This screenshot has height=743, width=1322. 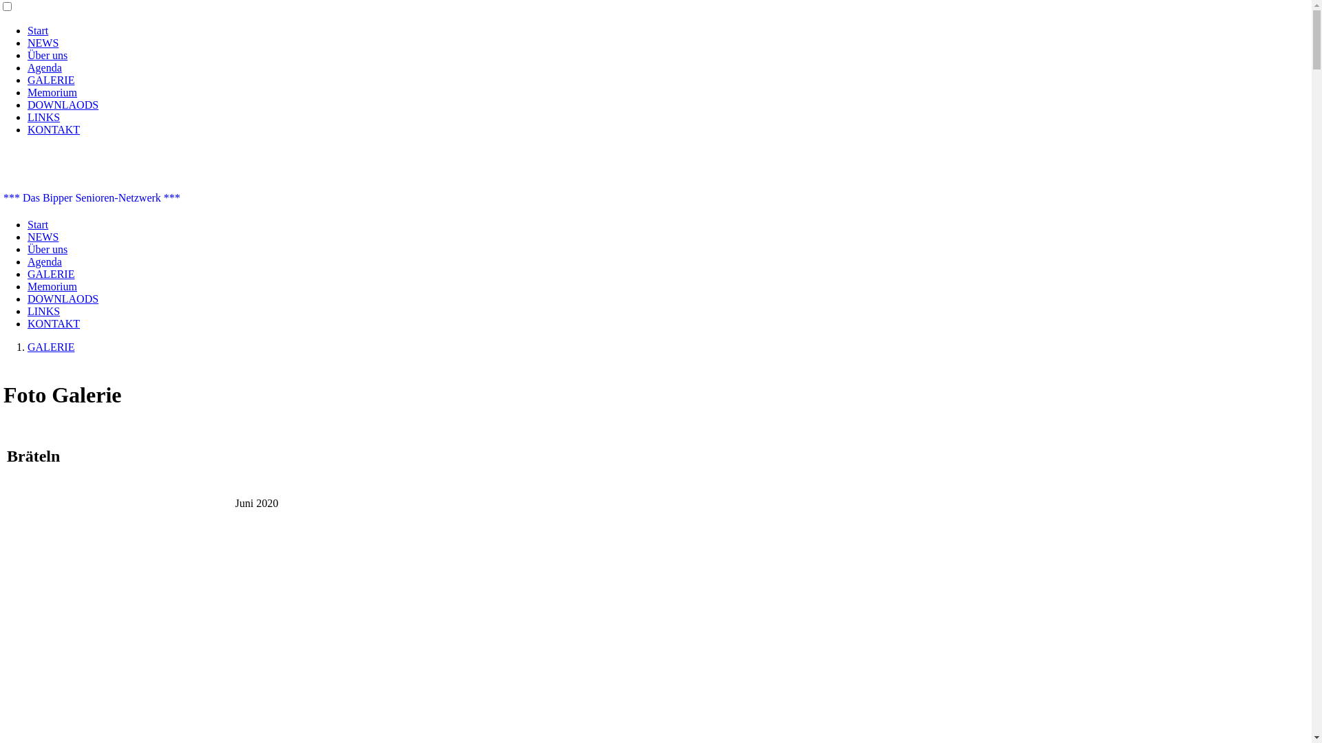 I want to click on 'Agenda', so click(x=45, y=67).